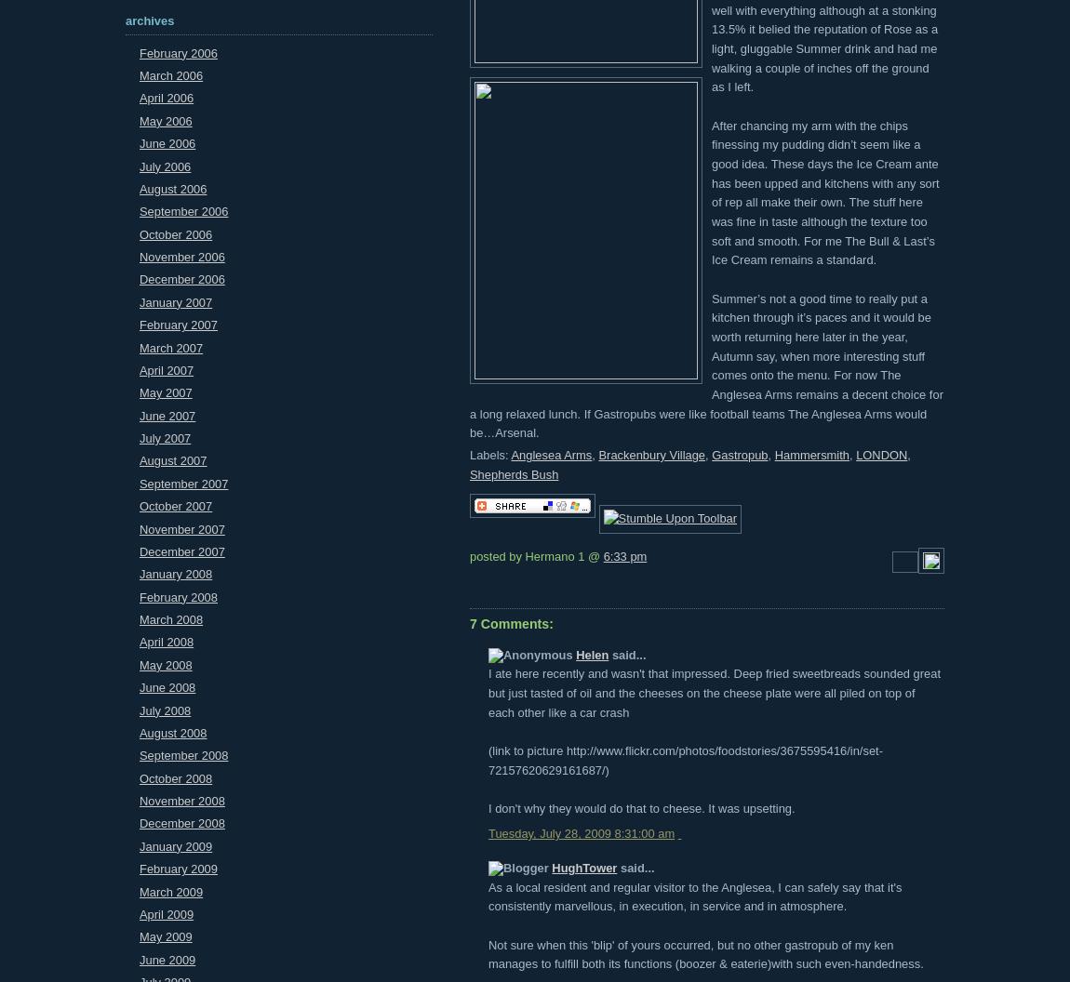 Image resolution: width=1070 pixels, height=982 pixels. What do you see at coordinates (171, 459) in the screenshot?
I see `'August 2007'` at bounding box center [171, 459].